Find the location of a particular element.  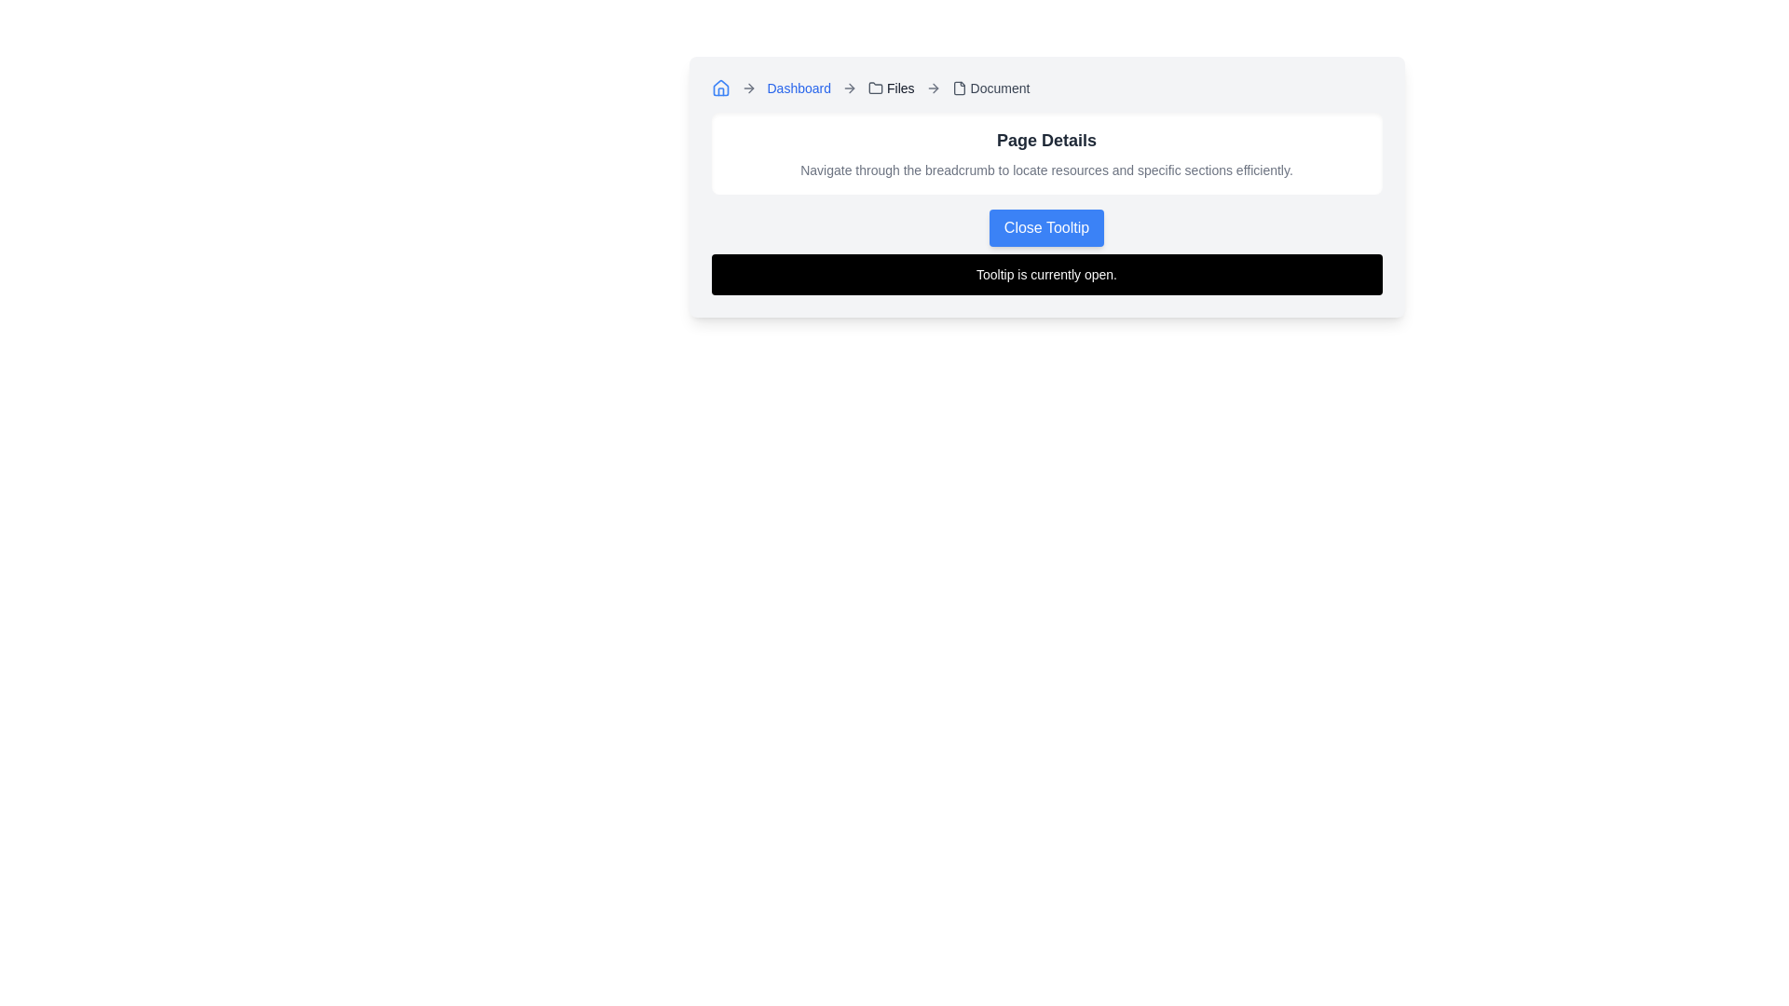

informational header text block located centrally below the breadcrumb navigation, which provides guidance on navigating resources and sections is located at coordinates (1046, 153).